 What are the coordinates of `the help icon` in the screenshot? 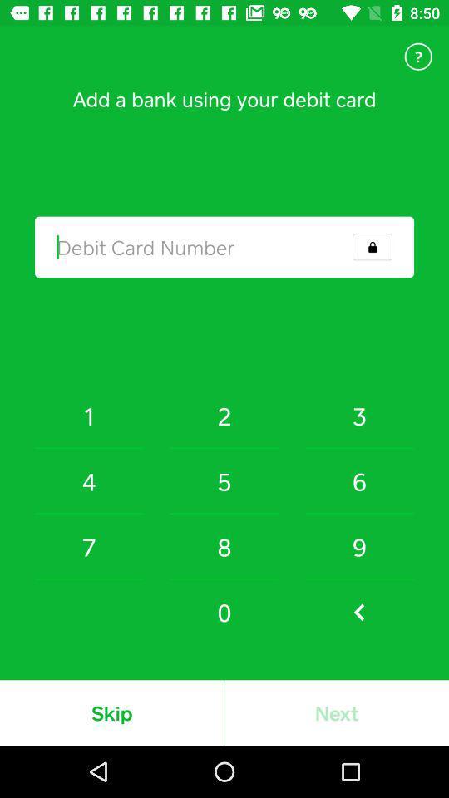 It's located at (417, 57).